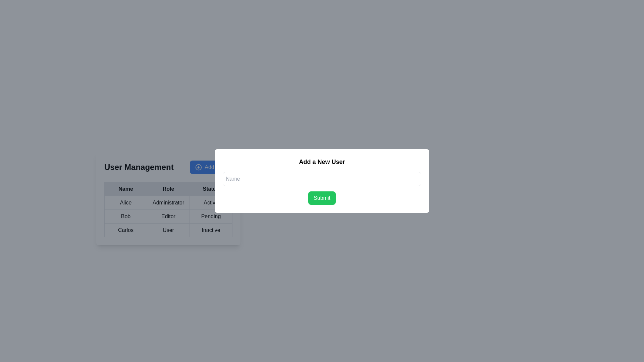  I want to click on the table cell displaying the text 'Administrator' located under the 'Role' column in the user management interface, so click(168, 198).